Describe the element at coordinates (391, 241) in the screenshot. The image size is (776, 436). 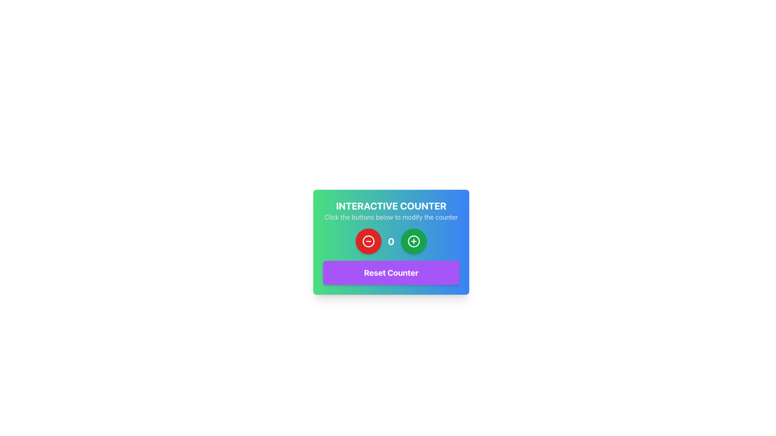
I see `displayed value of the counter located in the center of the row within the interactive counter component` at that location.